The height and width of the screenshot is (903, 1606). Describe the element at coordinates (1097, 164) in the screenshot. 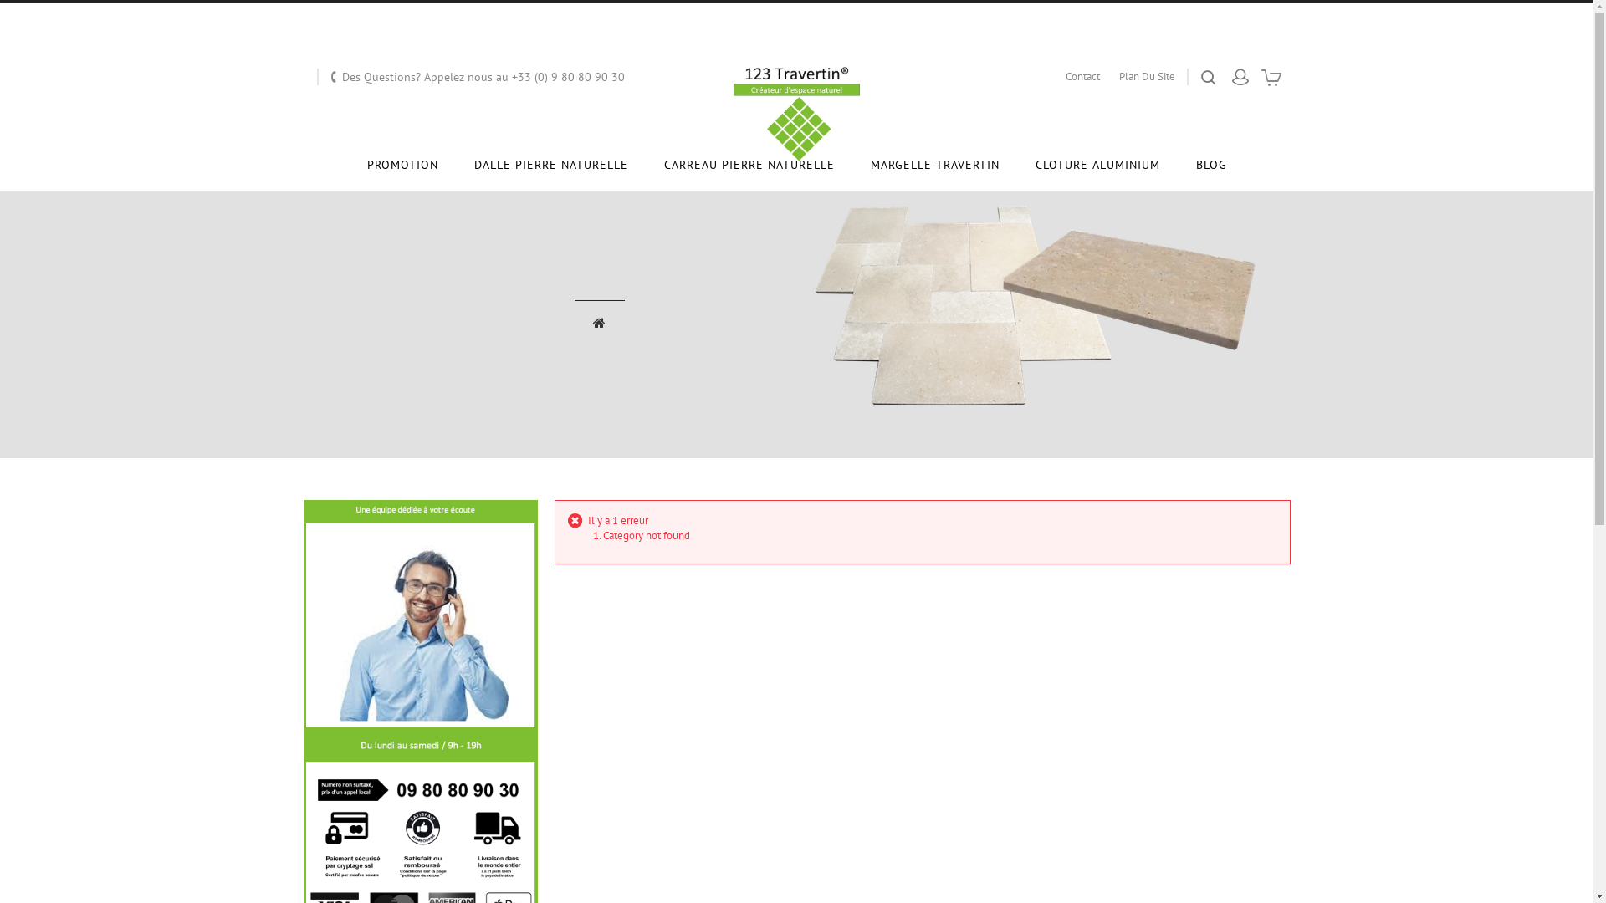

I see `'CLOTURE ALUMINIUM'` at that location.